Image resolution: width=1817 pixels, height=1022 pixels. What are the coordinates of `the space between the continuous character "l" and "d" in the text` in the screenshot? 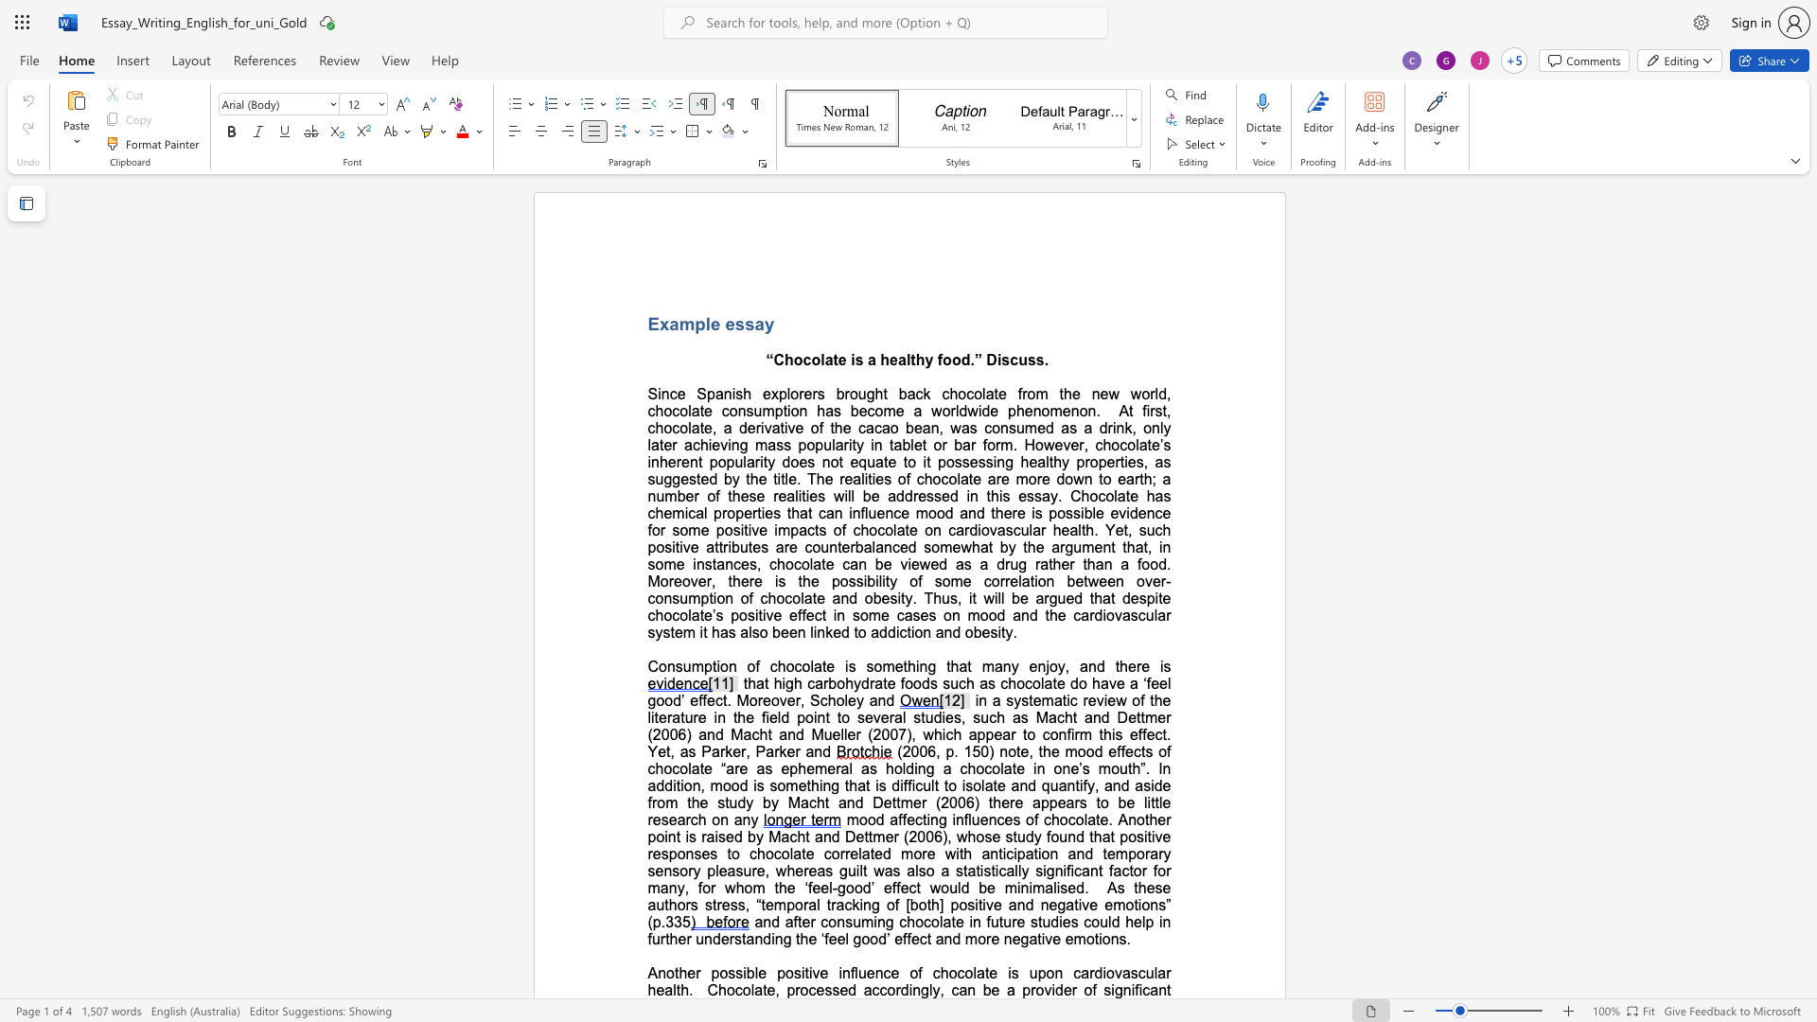 It's located at (782, 717).